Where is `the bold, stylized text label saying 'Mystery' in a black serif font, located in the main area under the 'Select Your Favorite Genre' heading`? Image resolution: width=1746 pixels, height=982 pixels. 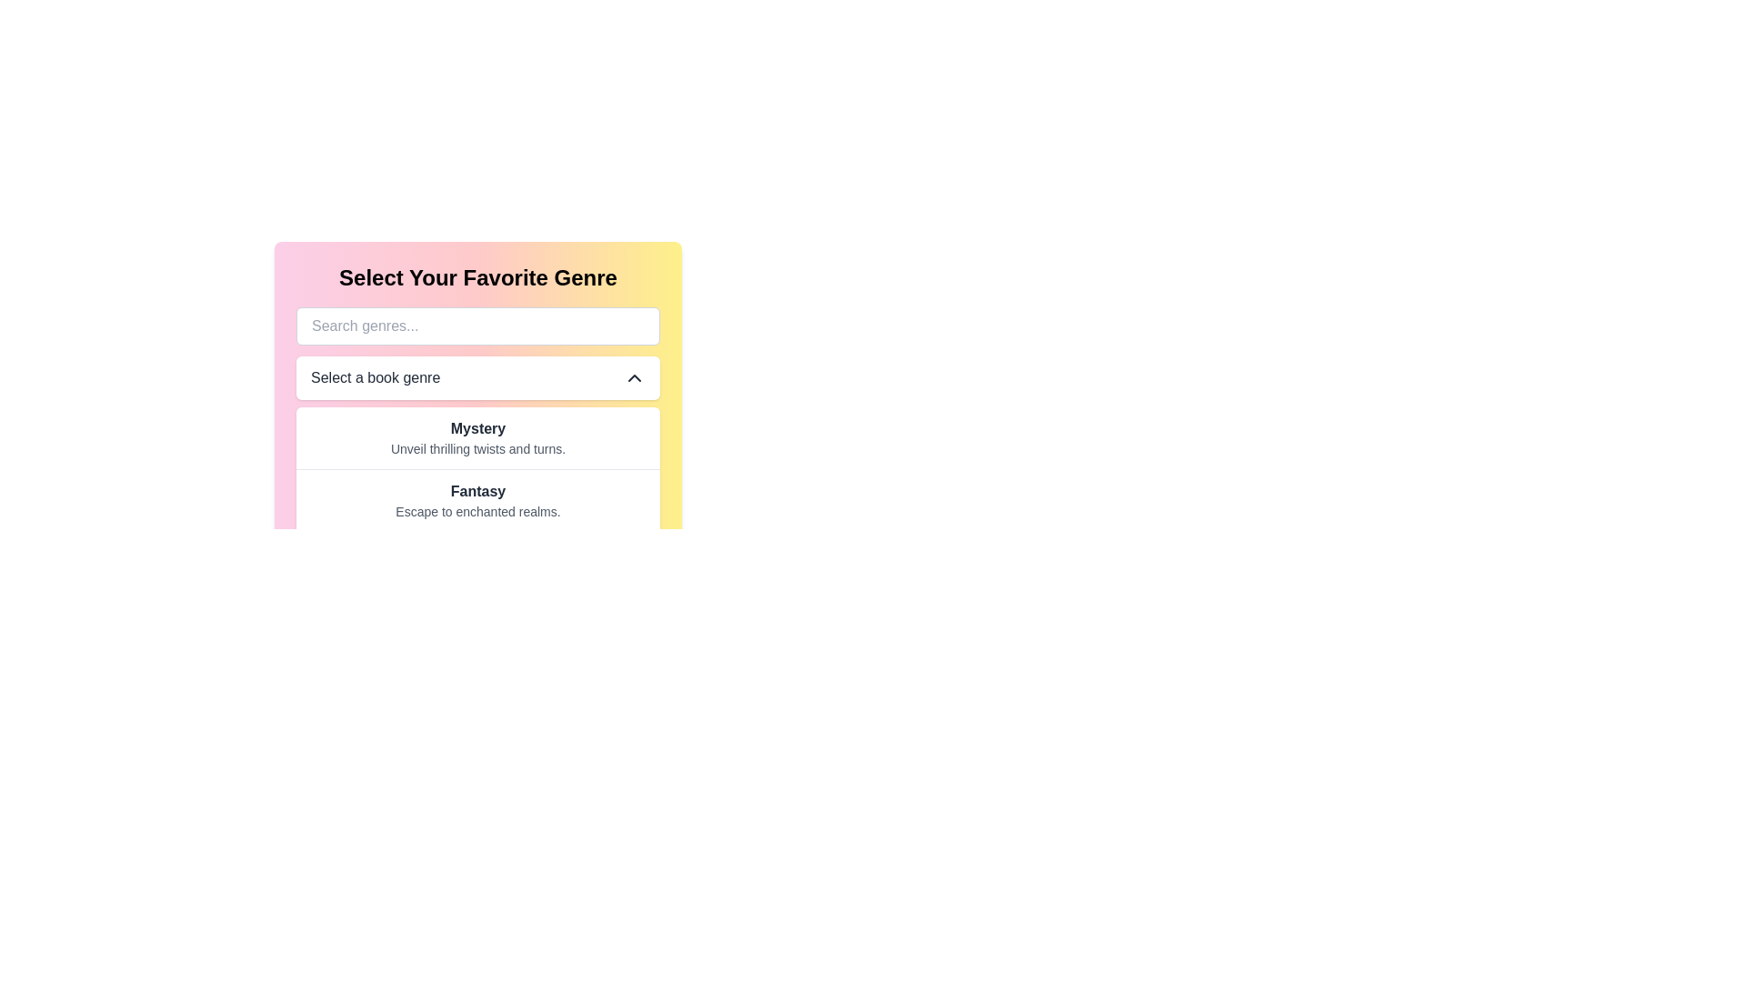 the bold, stylized text label saying 'Mystery' in a black serif font, located in the main area under the 'Select Your Favorite Genre' heading is located at coordinates (478, 428).